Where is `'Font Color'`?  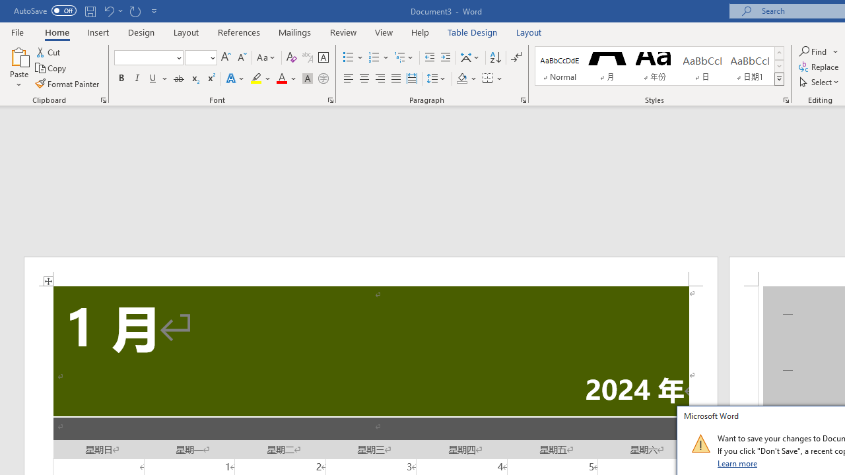
'Font Color' is located at coordinates (286, 79).